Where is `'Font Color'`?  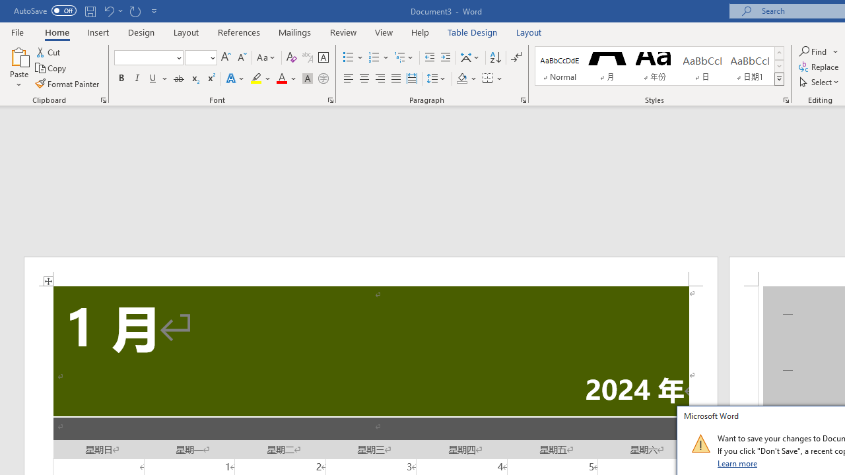
'Font Color' is located at coordinates (286, 79).